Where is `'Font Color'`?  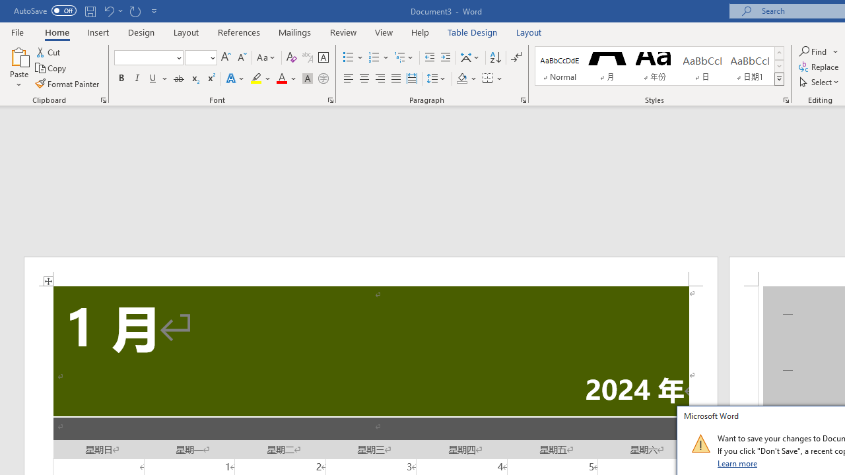
'Font Color' is located at coordinates (286, 79).